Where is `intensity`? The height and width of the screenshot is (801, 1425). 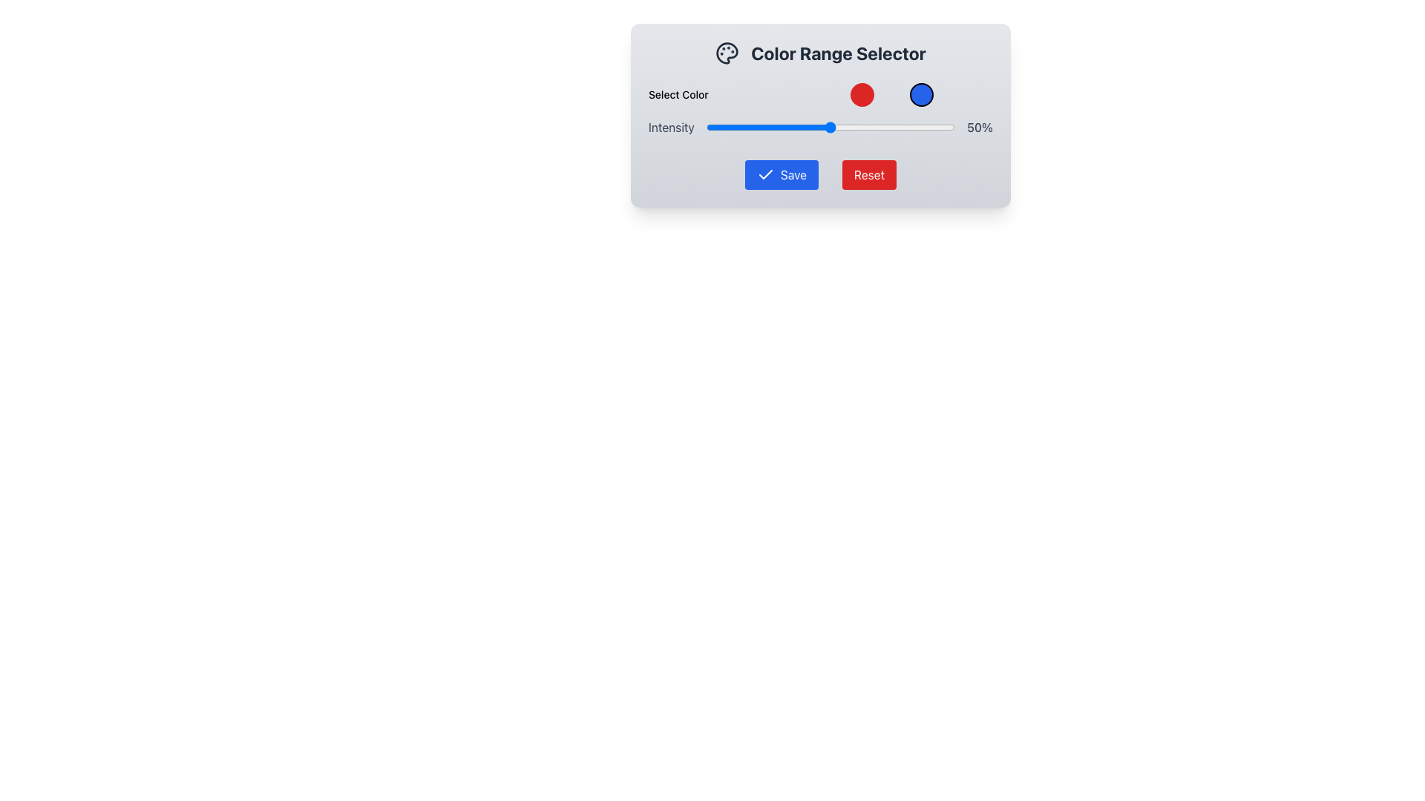
intensity is located at coordinates (733, 127).